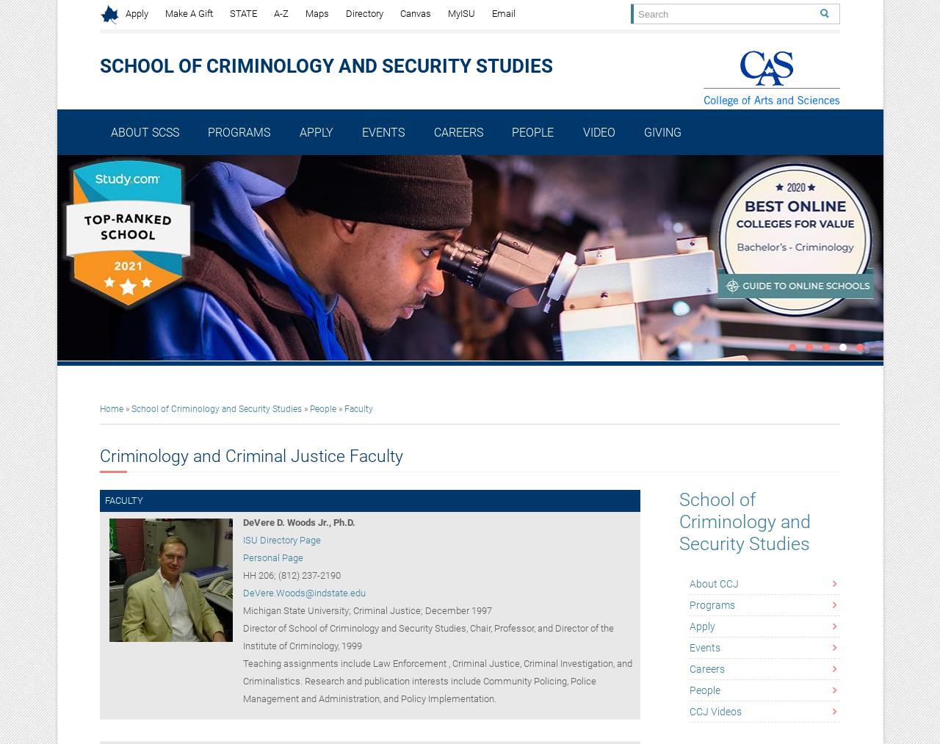 This screenshot has width=940, height=744. What do you see at coordinates (427, 636) in the screenshot?
I see `'Director of School of Criminology and Security Studies, Chair, Professor, and Director of the Institute of Criminology, 1999'` at bounding box center [427, 636].